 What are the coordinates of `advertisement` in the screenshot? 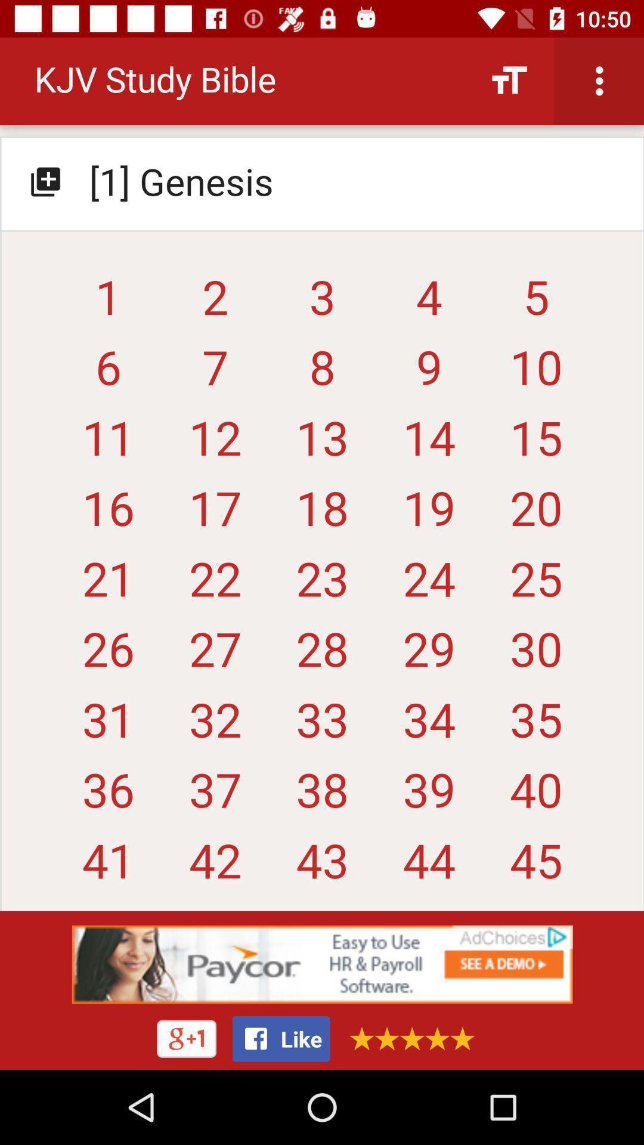 It's located at (322, 964).